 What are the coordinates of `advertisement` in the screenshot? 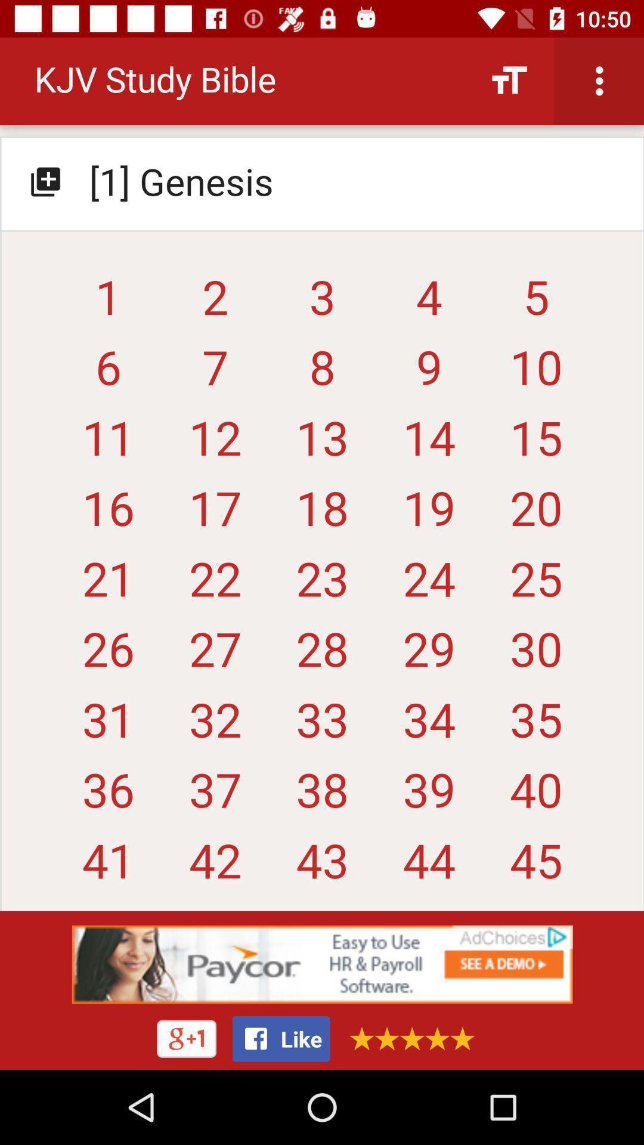 It's located at (322, 964).